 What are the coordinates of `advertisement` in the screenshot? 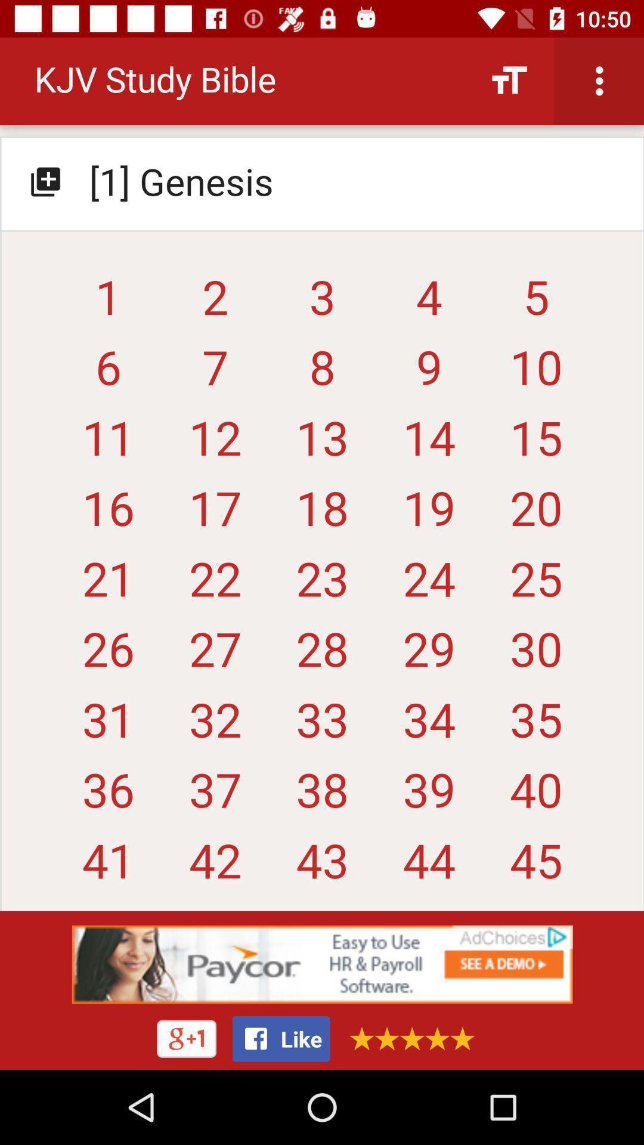 It's located at (322, 964).